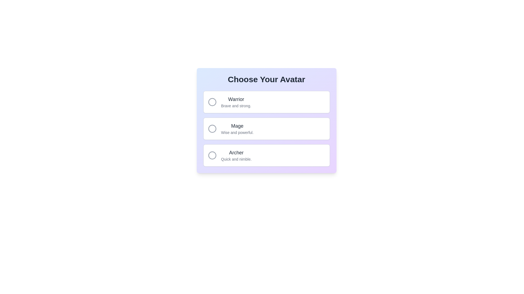  I want to click on the Text Label that serves as a descriptive title for the layout, positioned at the top center of the gradient background panel, so click(266, 79).